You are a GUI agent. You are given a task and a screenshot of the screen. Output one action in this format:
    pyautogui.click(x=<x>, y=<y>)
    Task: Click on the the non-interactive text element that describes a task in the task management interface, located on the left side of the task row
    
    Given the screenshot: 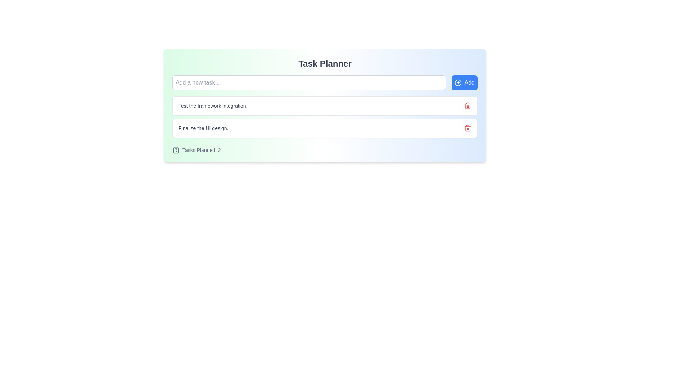 What is the action you would take?
    pyautogui.click(x=203, y=128)
    